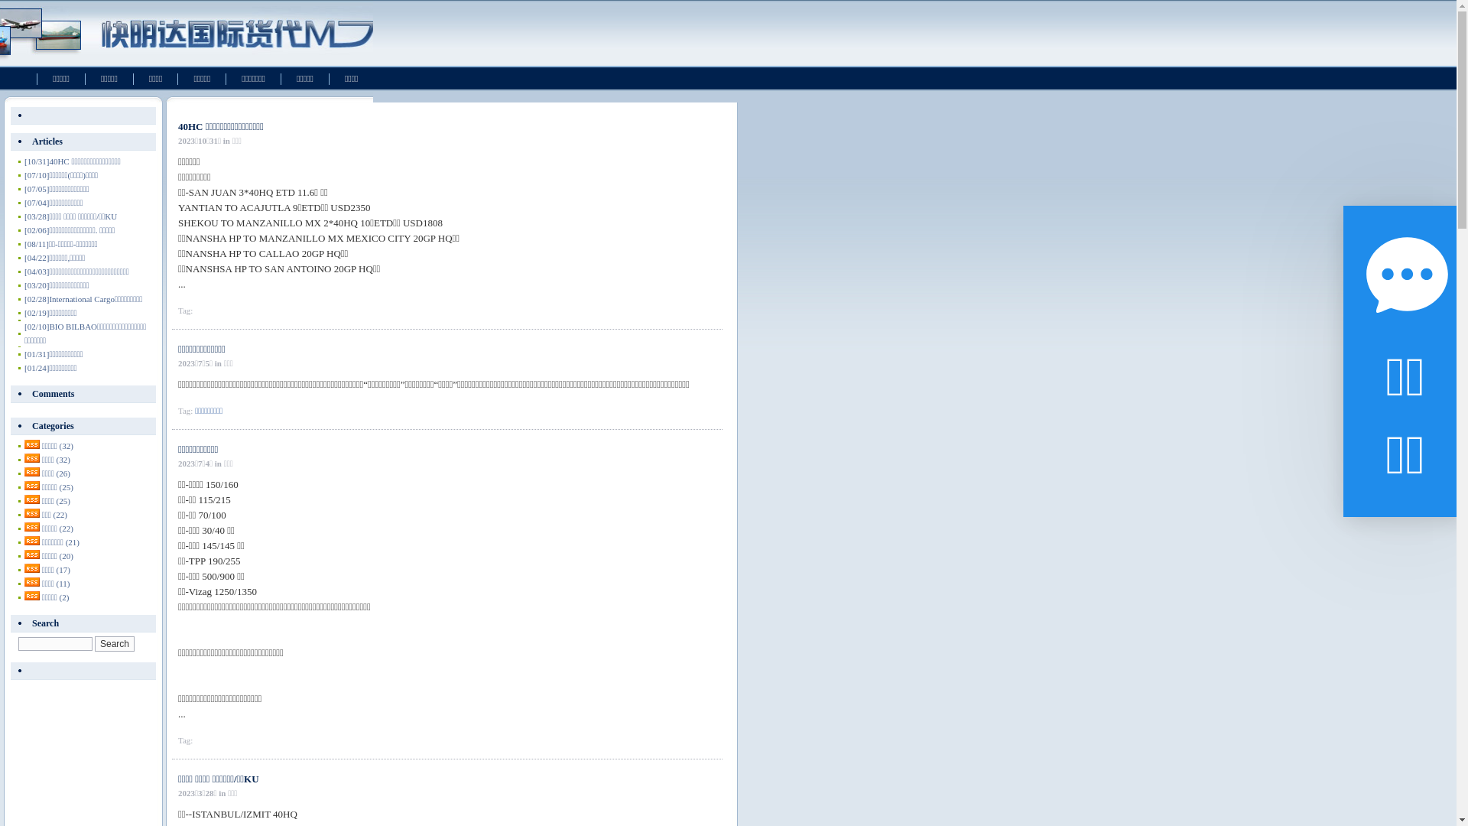 The width and height of the screenshot is (1468, 826). Describe the element at coordinates (32, 568) in the screenshot. I see `'rss'` at that location.